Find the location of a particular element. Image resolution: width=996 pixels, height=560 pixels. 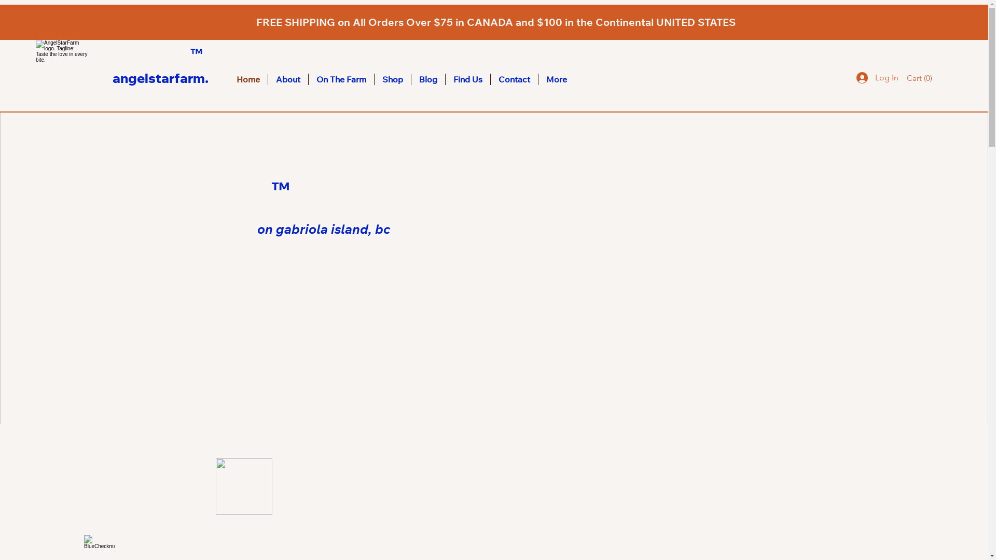

'On The Farm' is located at coordinates (341, 79).